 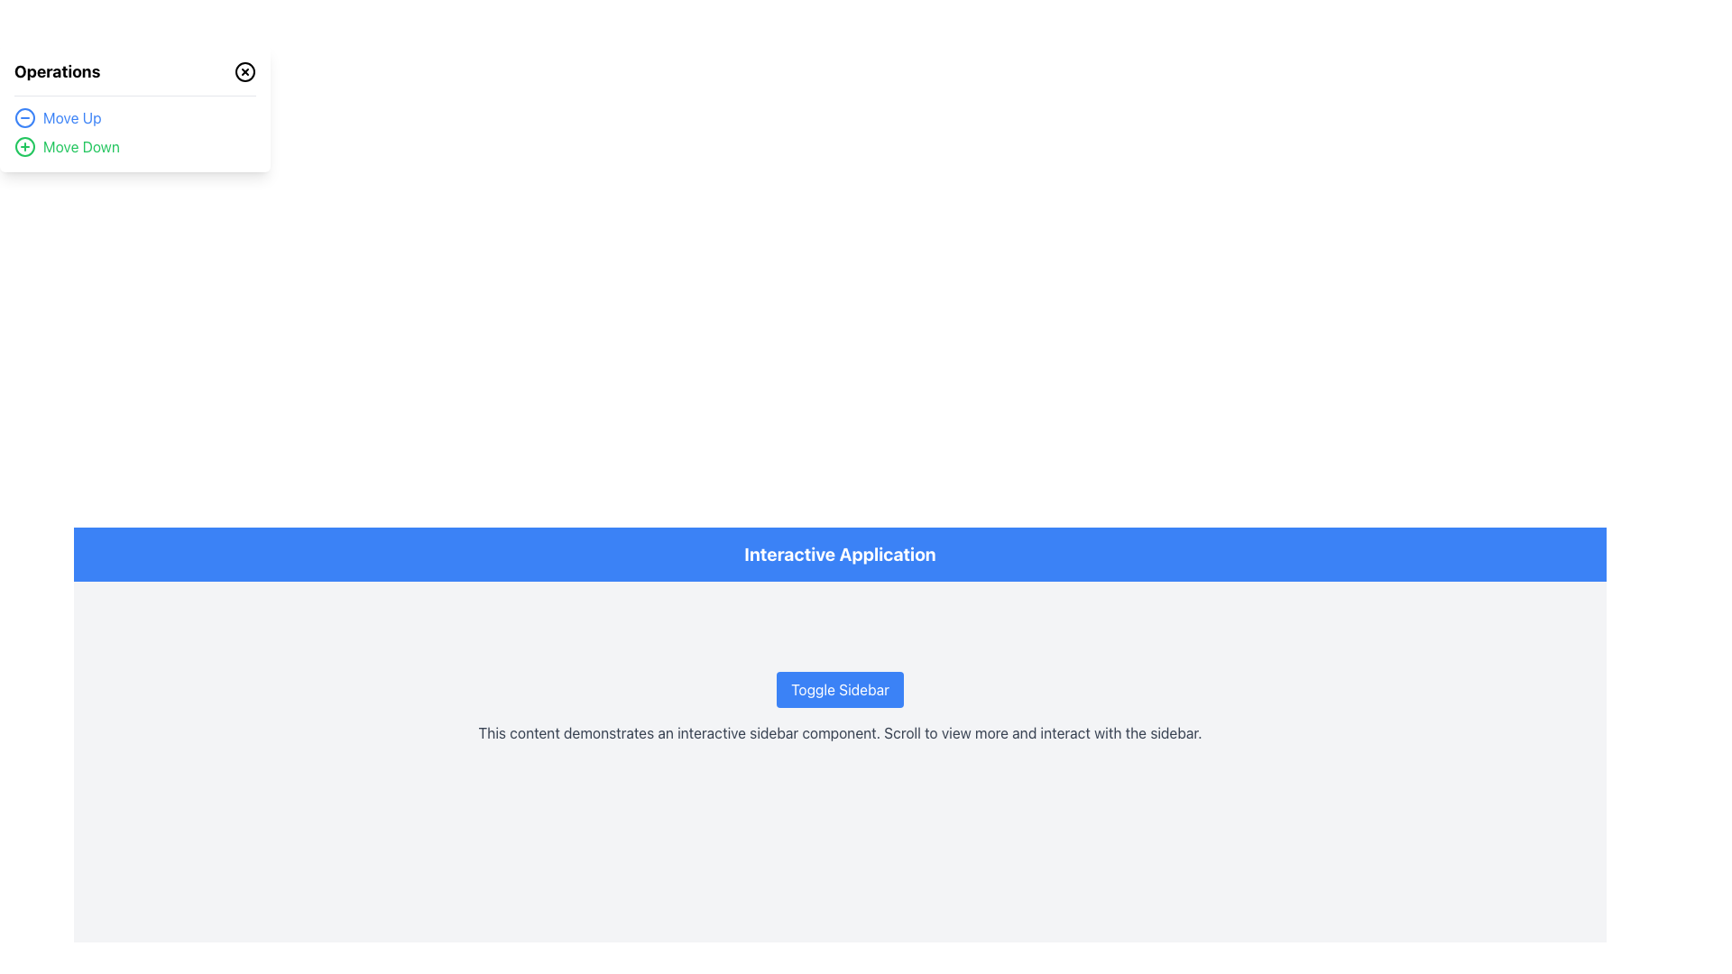 What do you see at coordinates (839, 689) in the screenshot?
I see `the toggle button located near the center of the lower section of the interface to darken its color` at bounding box center [839, 689].